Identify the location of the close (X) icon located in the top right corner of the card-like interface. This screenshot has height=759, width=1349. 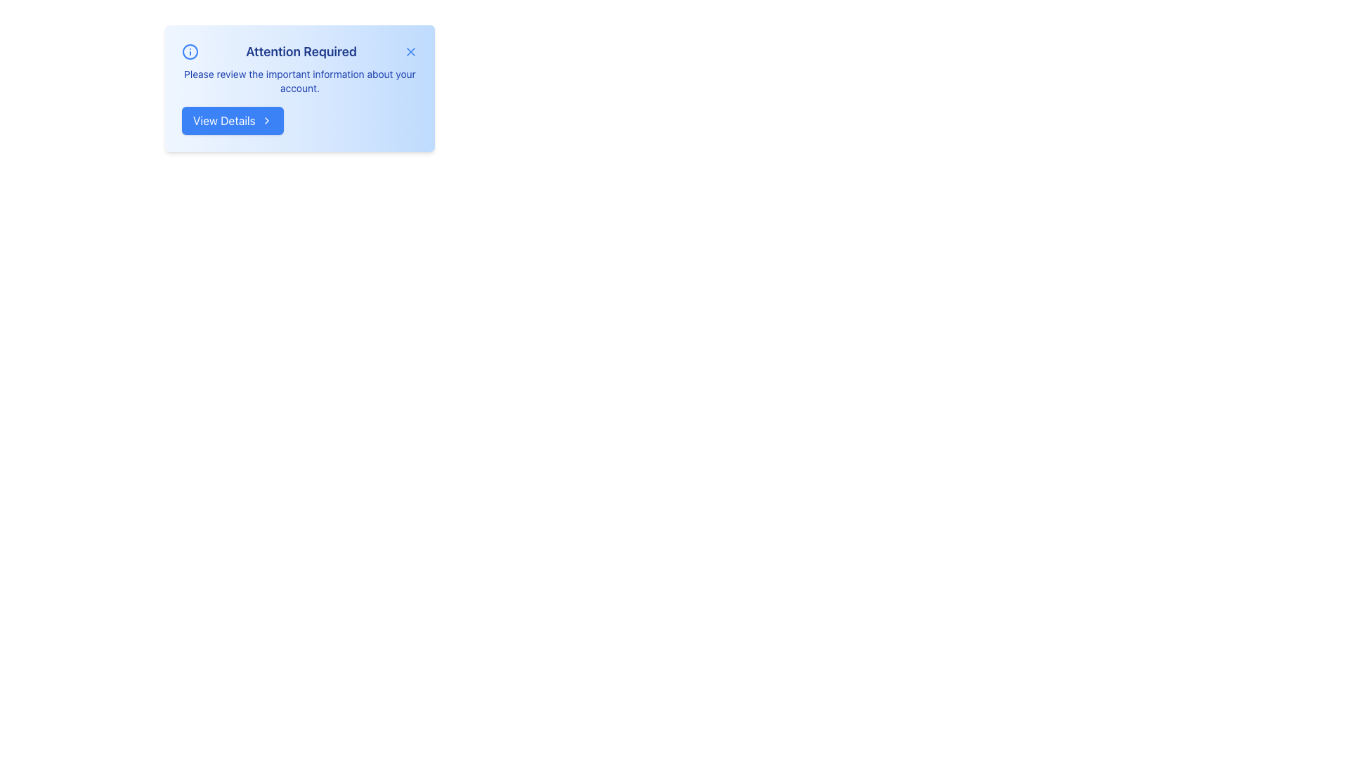
(410, 51).